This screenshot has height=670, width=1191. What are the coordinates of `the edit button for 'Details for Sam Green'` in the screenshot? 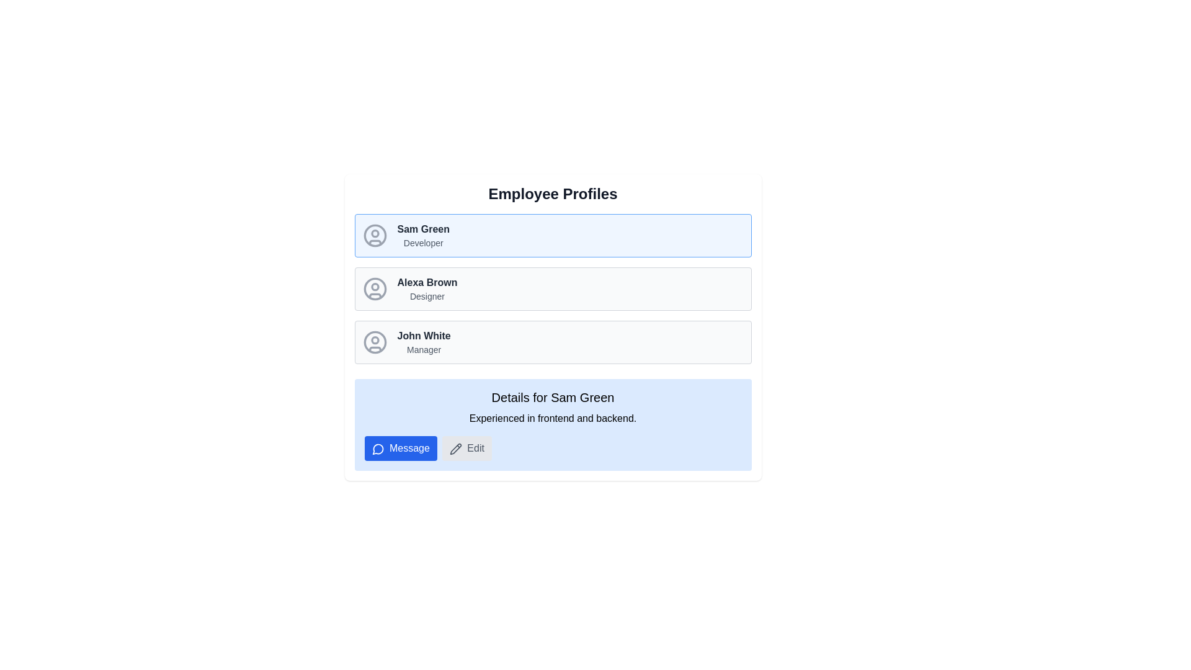 It's located at (466, 448).